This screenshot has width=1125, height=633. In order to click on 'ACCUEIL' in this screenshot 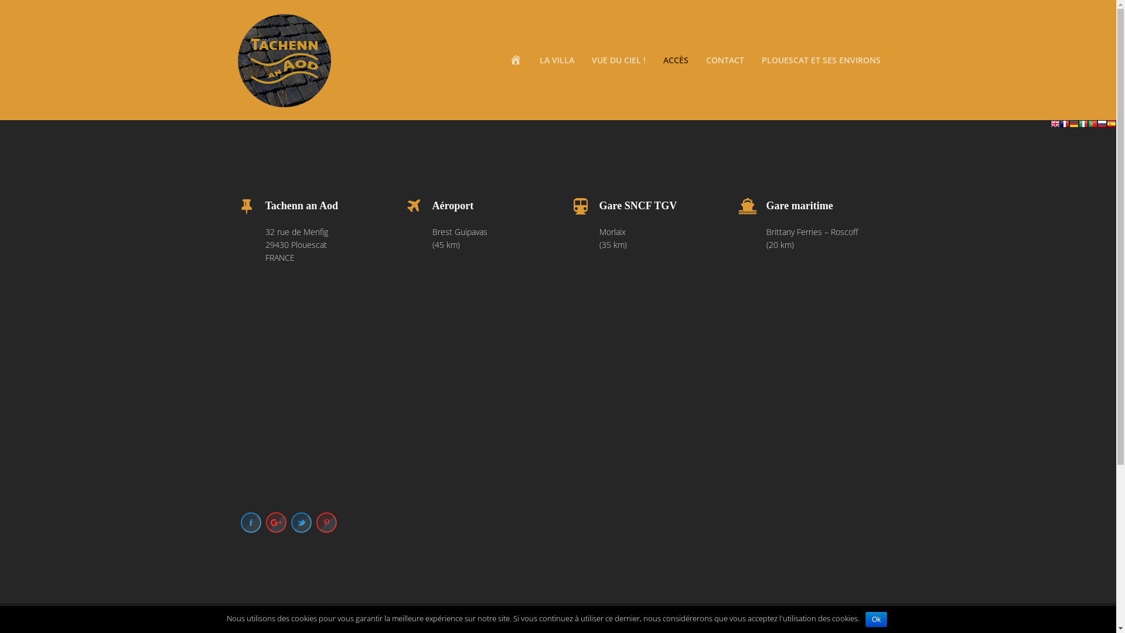, I will do `click(516, 60)`.